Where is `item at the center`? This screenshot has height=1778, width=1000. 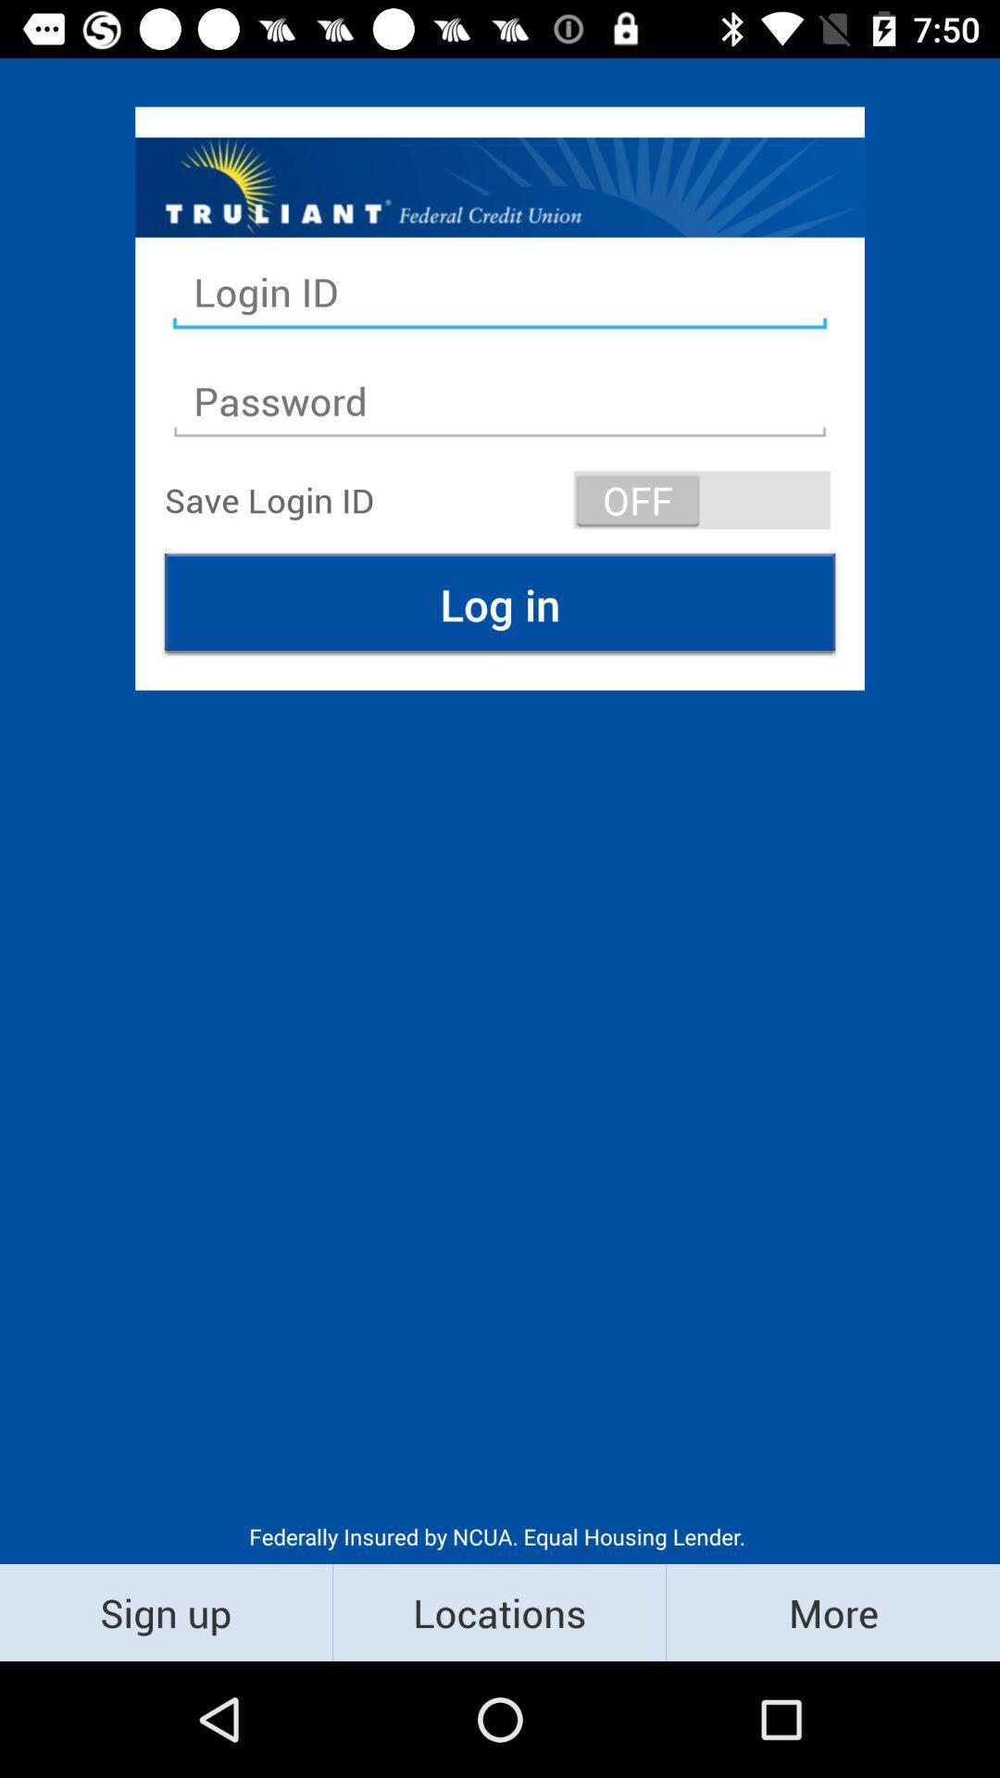
item at the center is located at coordinates (500, 604).